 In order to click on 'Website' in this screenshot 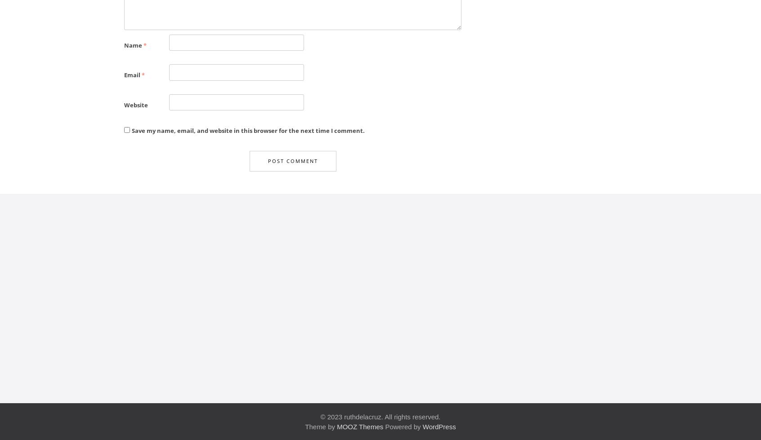, I will do `click(124, 105)`.